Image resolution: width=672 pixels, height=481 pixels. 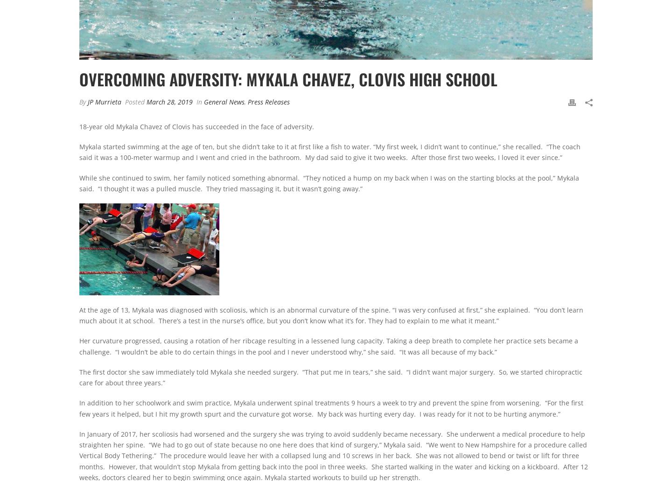 What do you see at coordinates (269, 101) in the screenshot?
I see `'Press Releases'` at bounding box center [269, 101].